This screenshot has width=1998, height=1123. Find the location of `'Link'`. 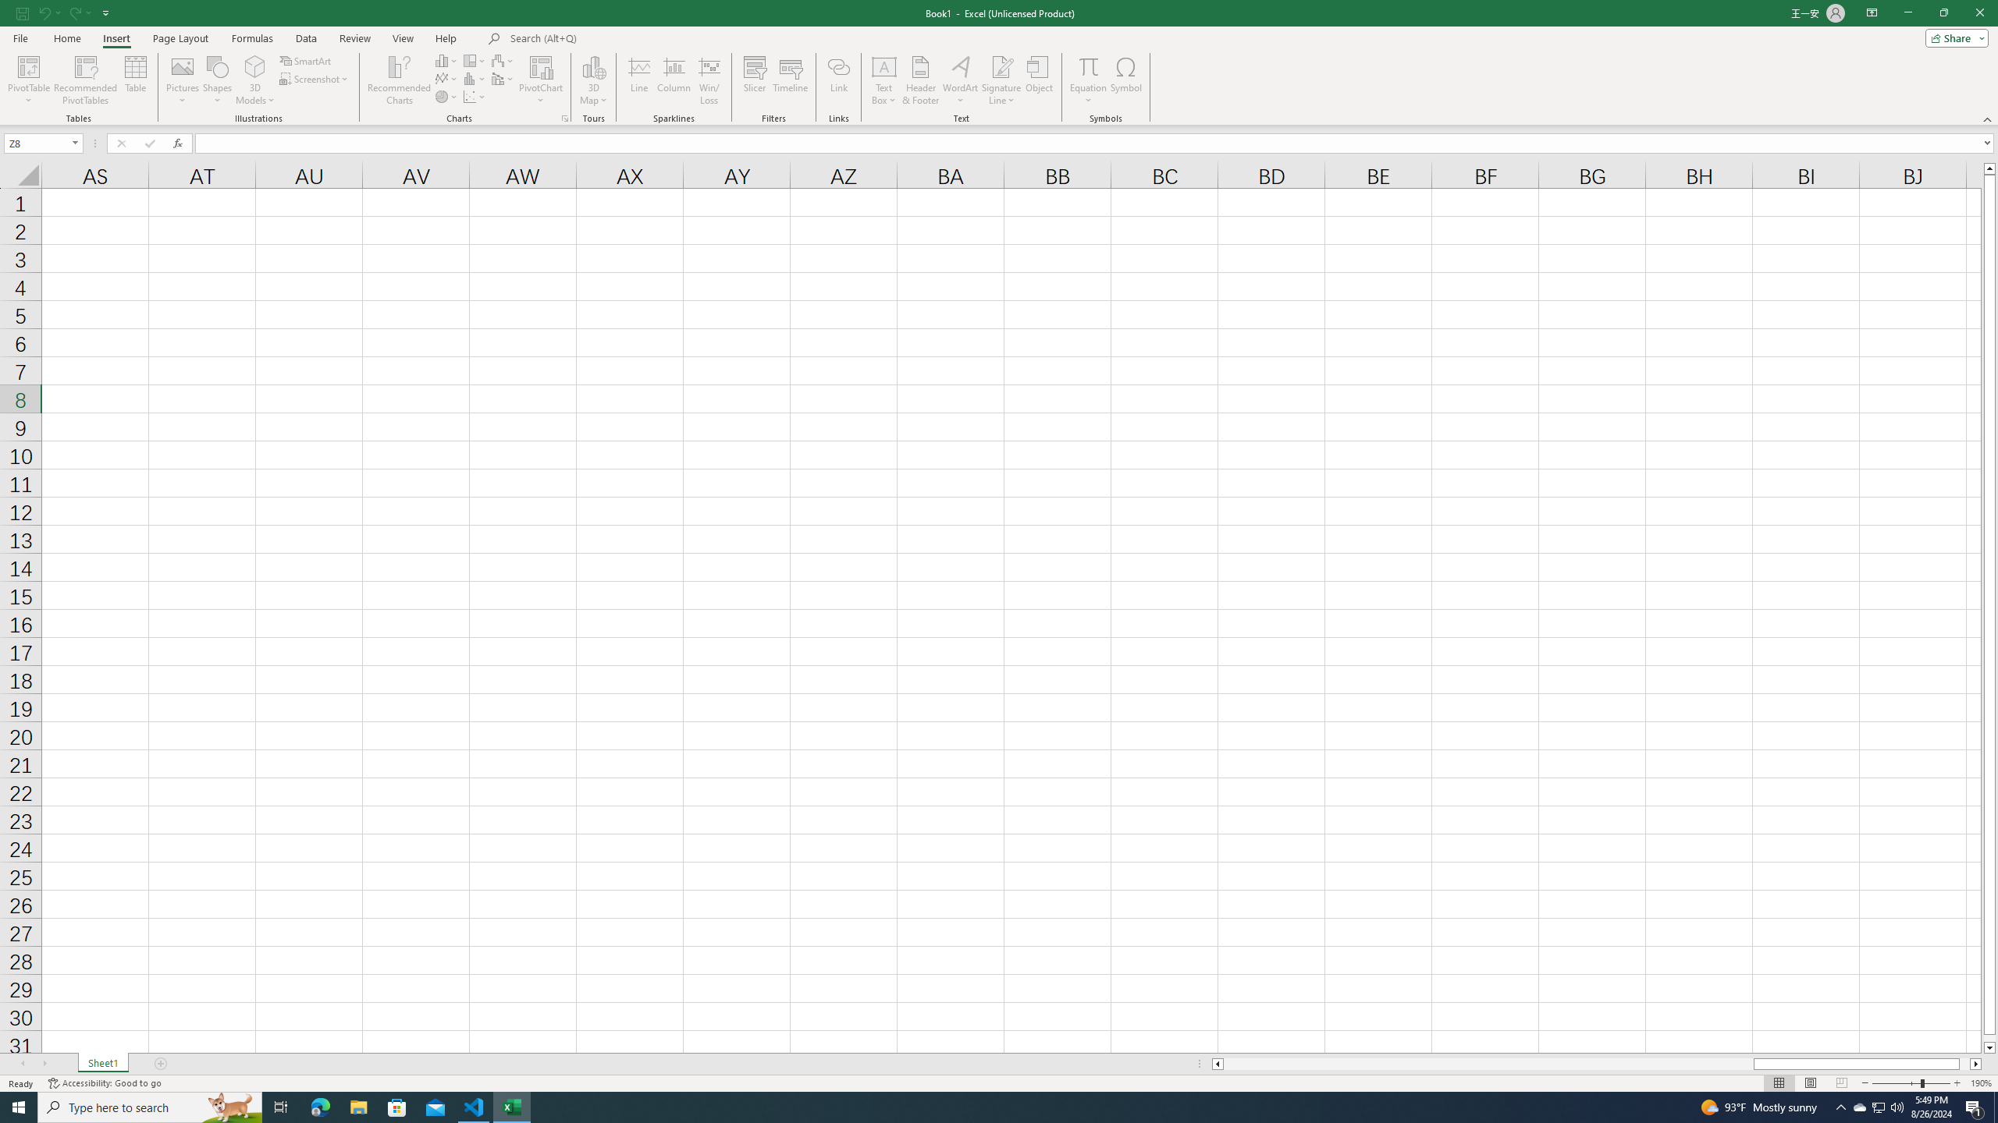

'Link' is located at coordinates (839, 80).